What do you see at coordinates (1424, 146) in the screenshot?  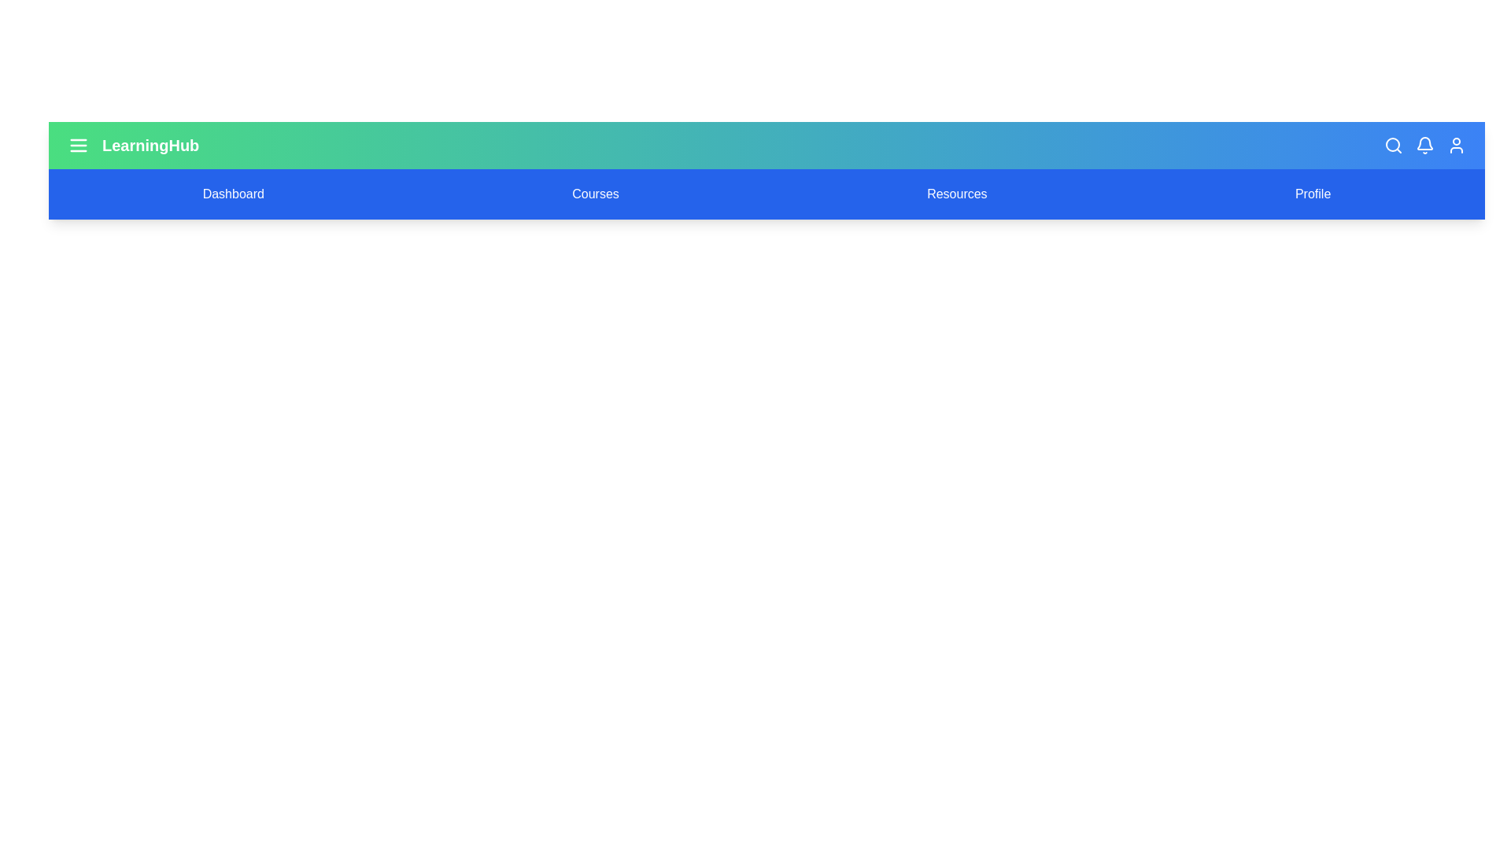 I see `the notification bell icon to view notifications` at bounding box center [1424, 146].